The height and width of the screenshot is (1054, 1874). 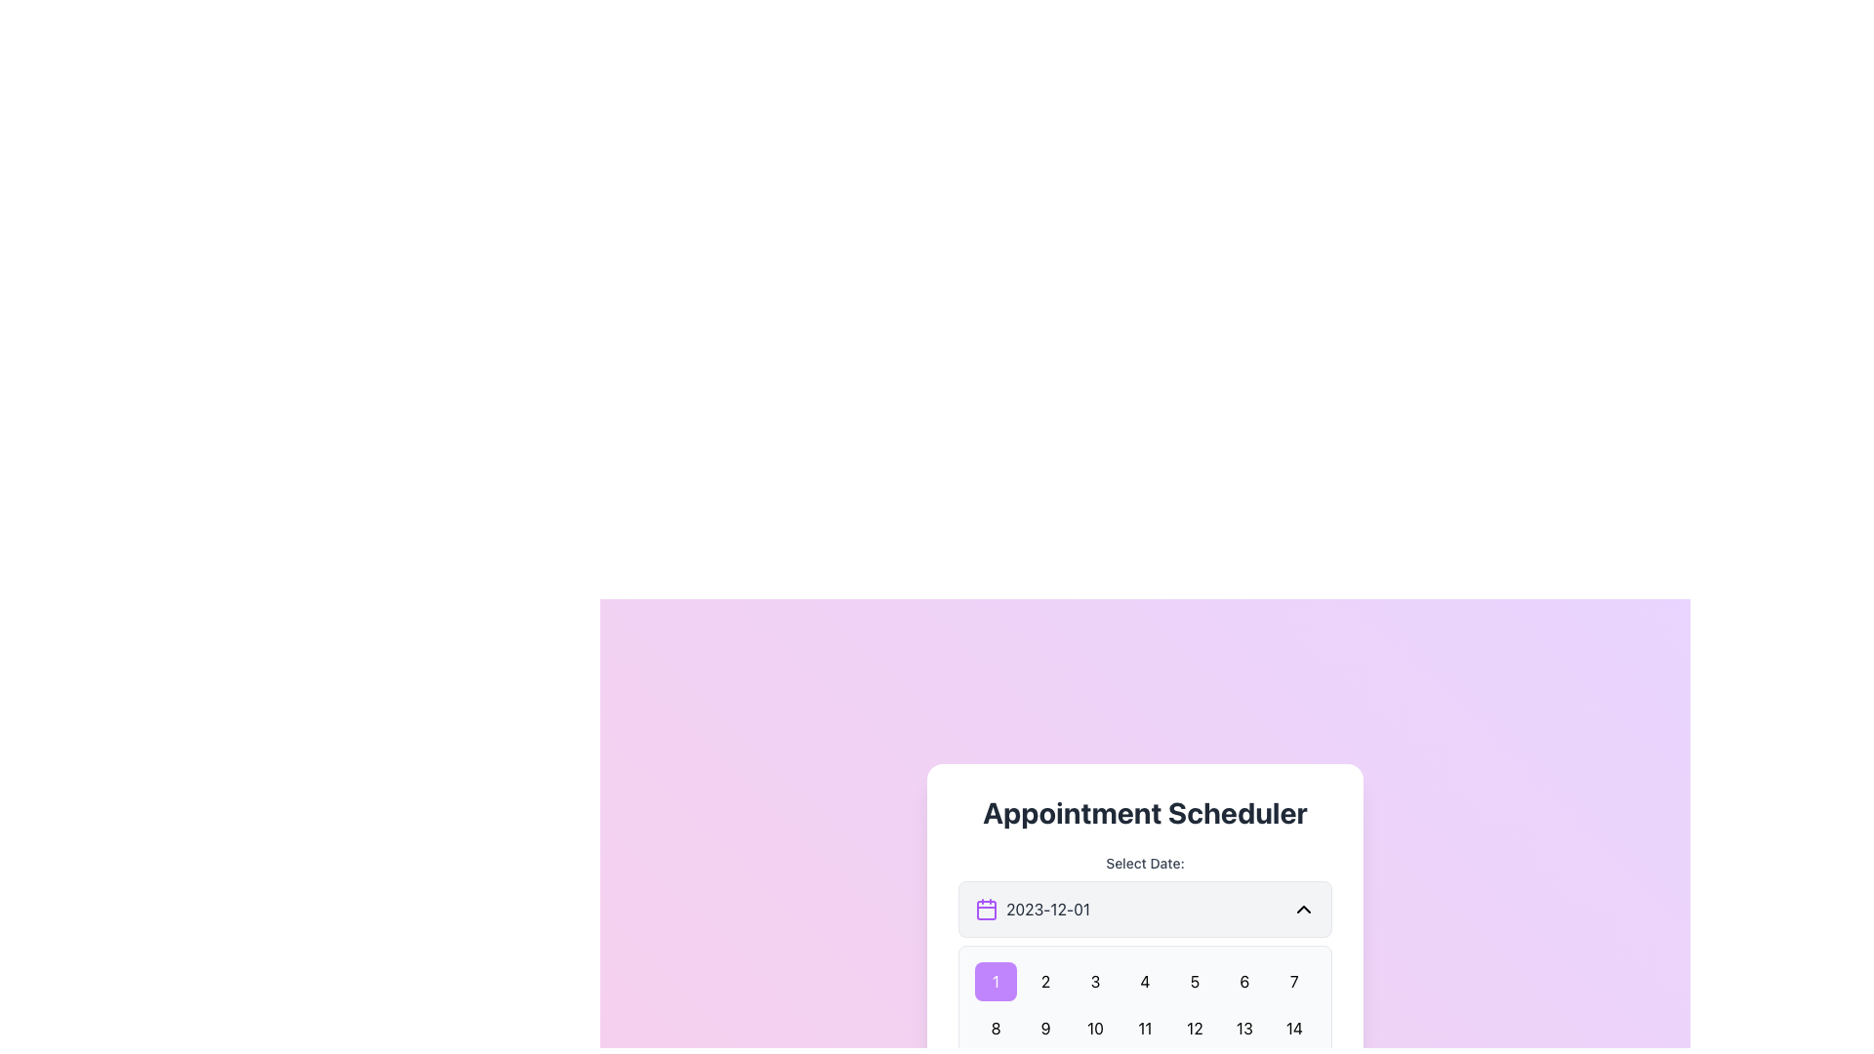 What do you see at coordinates (1047, 910) in the screenshot?
I see `the static text label displaying the selected date '2023-12-01'` at bounding box center [1047, 910].